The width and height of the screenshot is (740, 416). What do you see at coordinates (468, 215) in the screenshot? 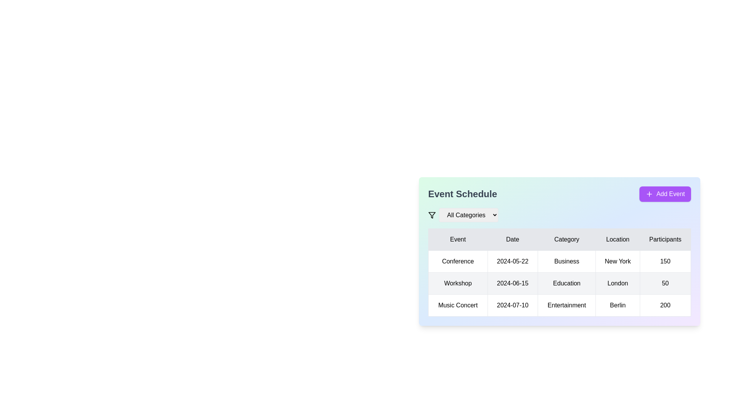
I see `the Dropdown menu that allows users to filter items` at bounding box center [468, 215].